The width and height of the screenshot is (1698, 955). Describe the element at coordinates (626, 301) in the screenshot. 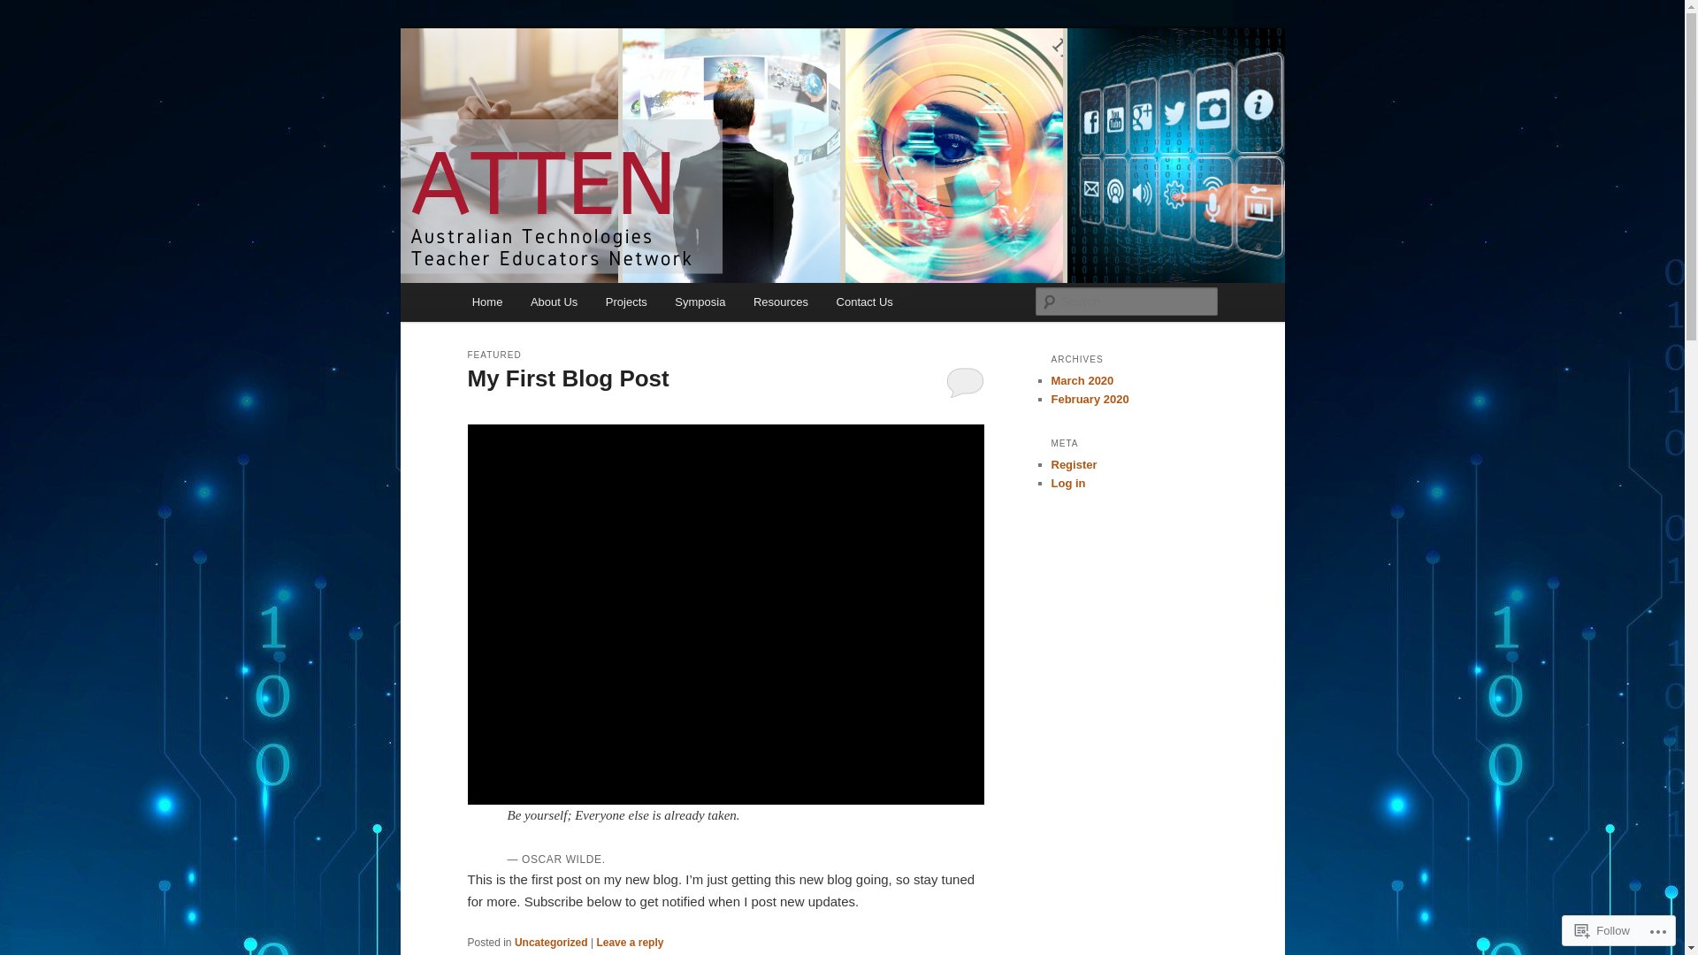

I see `'Projects'` at that location.